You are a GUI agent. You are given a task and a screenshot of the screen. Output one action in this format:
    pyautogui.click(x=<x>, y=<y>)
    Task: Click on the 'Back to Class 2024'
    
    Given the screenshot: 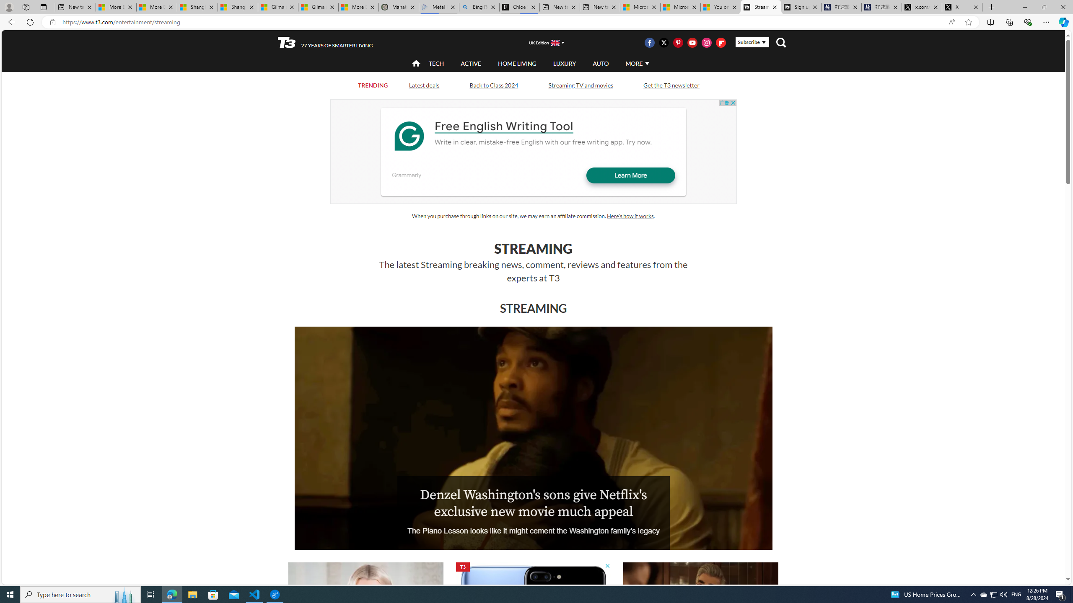 What is the action you would take?
    pyautogui.click(x=494, y=85)
    